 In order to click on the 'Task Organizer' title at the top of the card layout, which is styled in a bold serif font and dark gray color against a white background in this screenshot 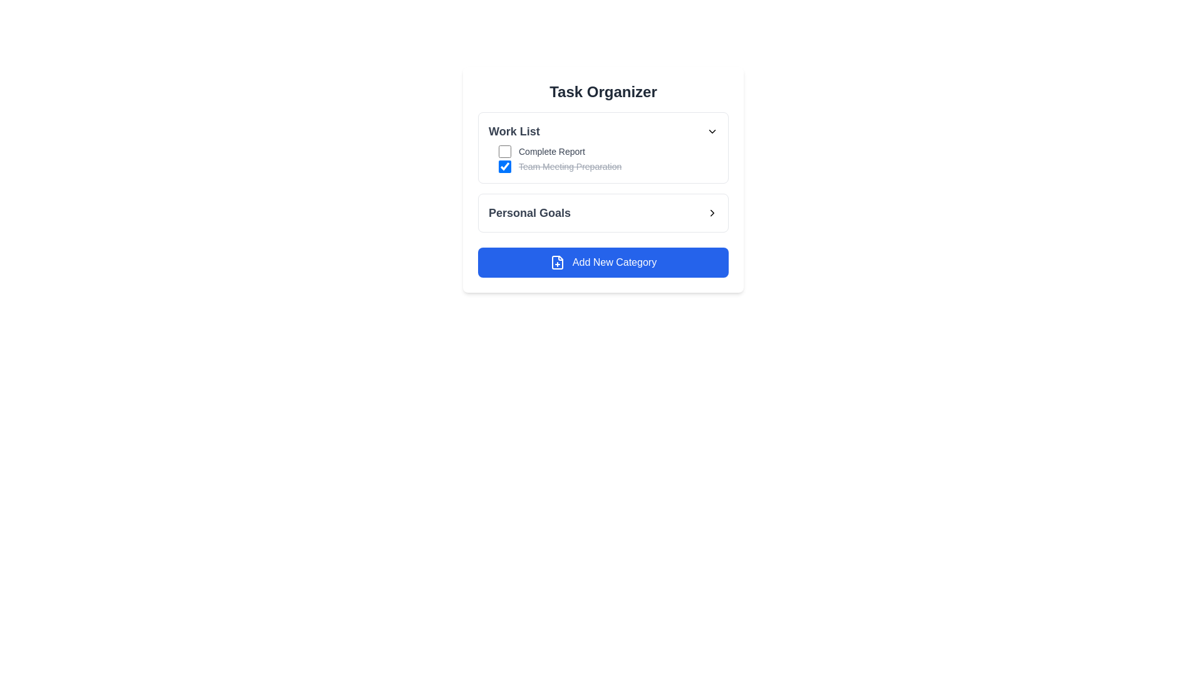, I will do `click(603, 91)`.